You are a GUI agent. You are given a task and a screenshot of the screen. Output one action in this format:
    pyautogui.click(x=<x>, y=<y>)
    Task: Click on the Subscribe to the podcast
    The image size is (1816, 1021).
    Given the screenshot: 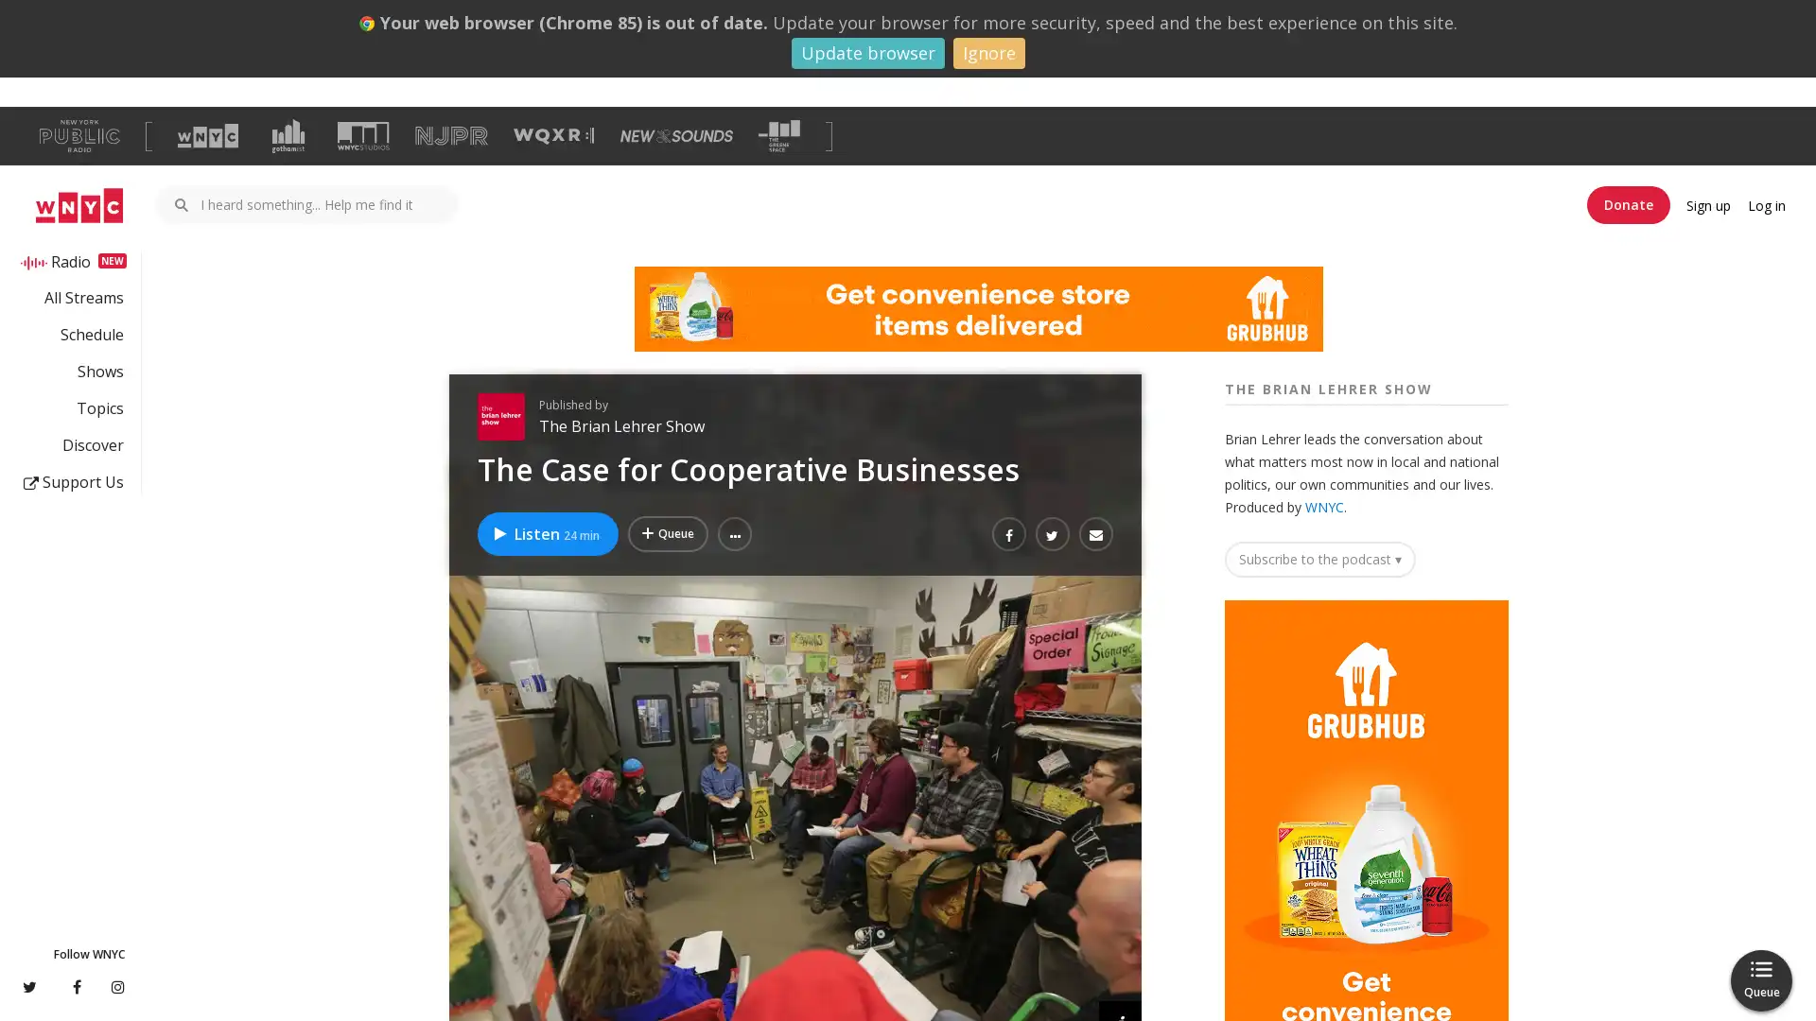 What is the action you would take?
    pyautogui.click(x=1318, y=558)
    